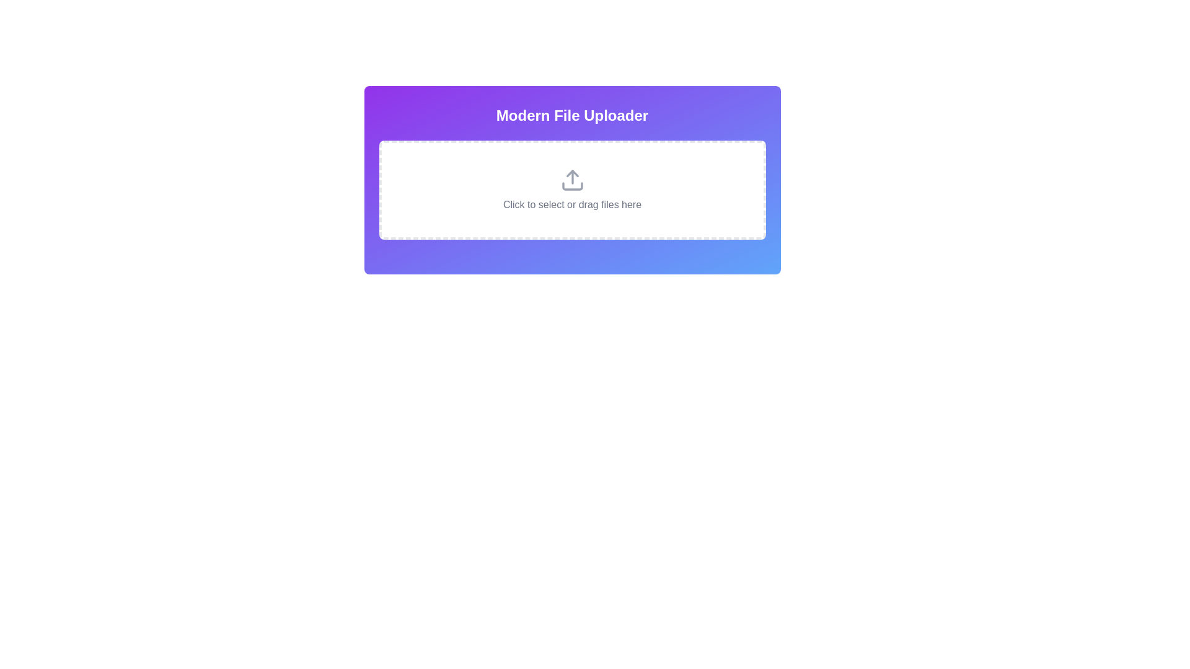 This screenshot has height=669, width=1190. Describe the element at coordinates (571, 173) in the screenshot. I see `the decorative upload icon graphic located at the top of the central upload icon in the file uploader component` at that location.